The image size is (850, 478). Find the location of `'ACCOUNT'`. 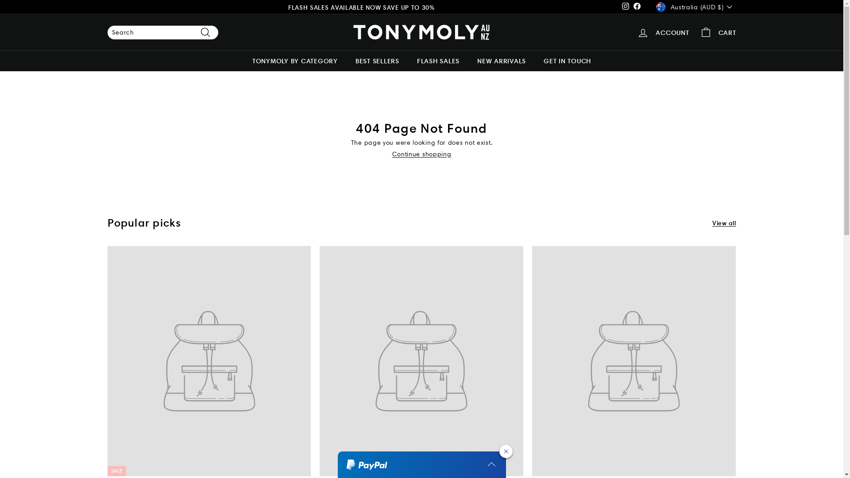

'ACCOUNT' is located at coordinates (663, 32).